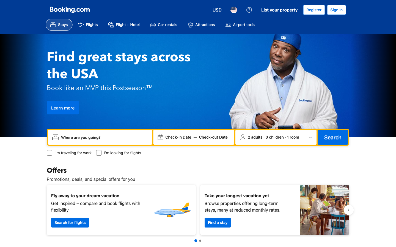  Describe the element at coordinates (332, 137) in the screenshot. I see `Locate and select the search button for available accommodations` at that location.